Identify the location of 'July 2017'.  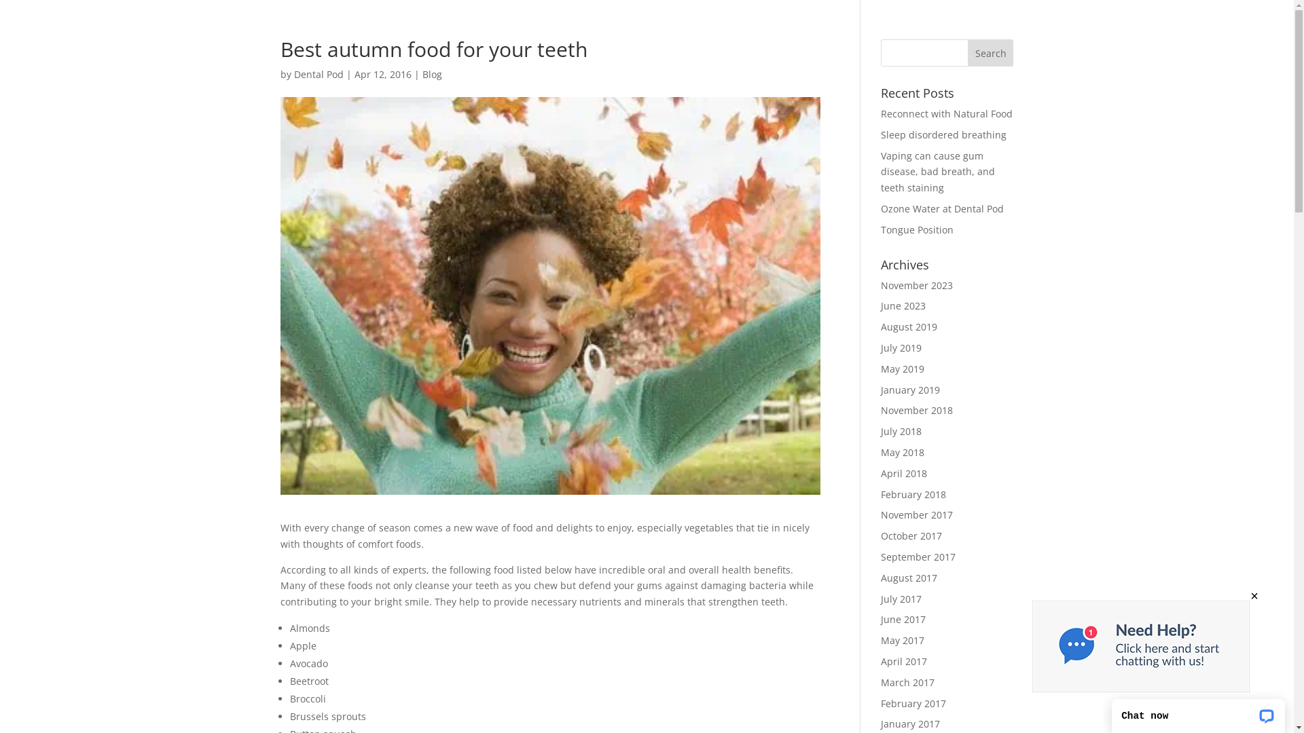
(901, 598).